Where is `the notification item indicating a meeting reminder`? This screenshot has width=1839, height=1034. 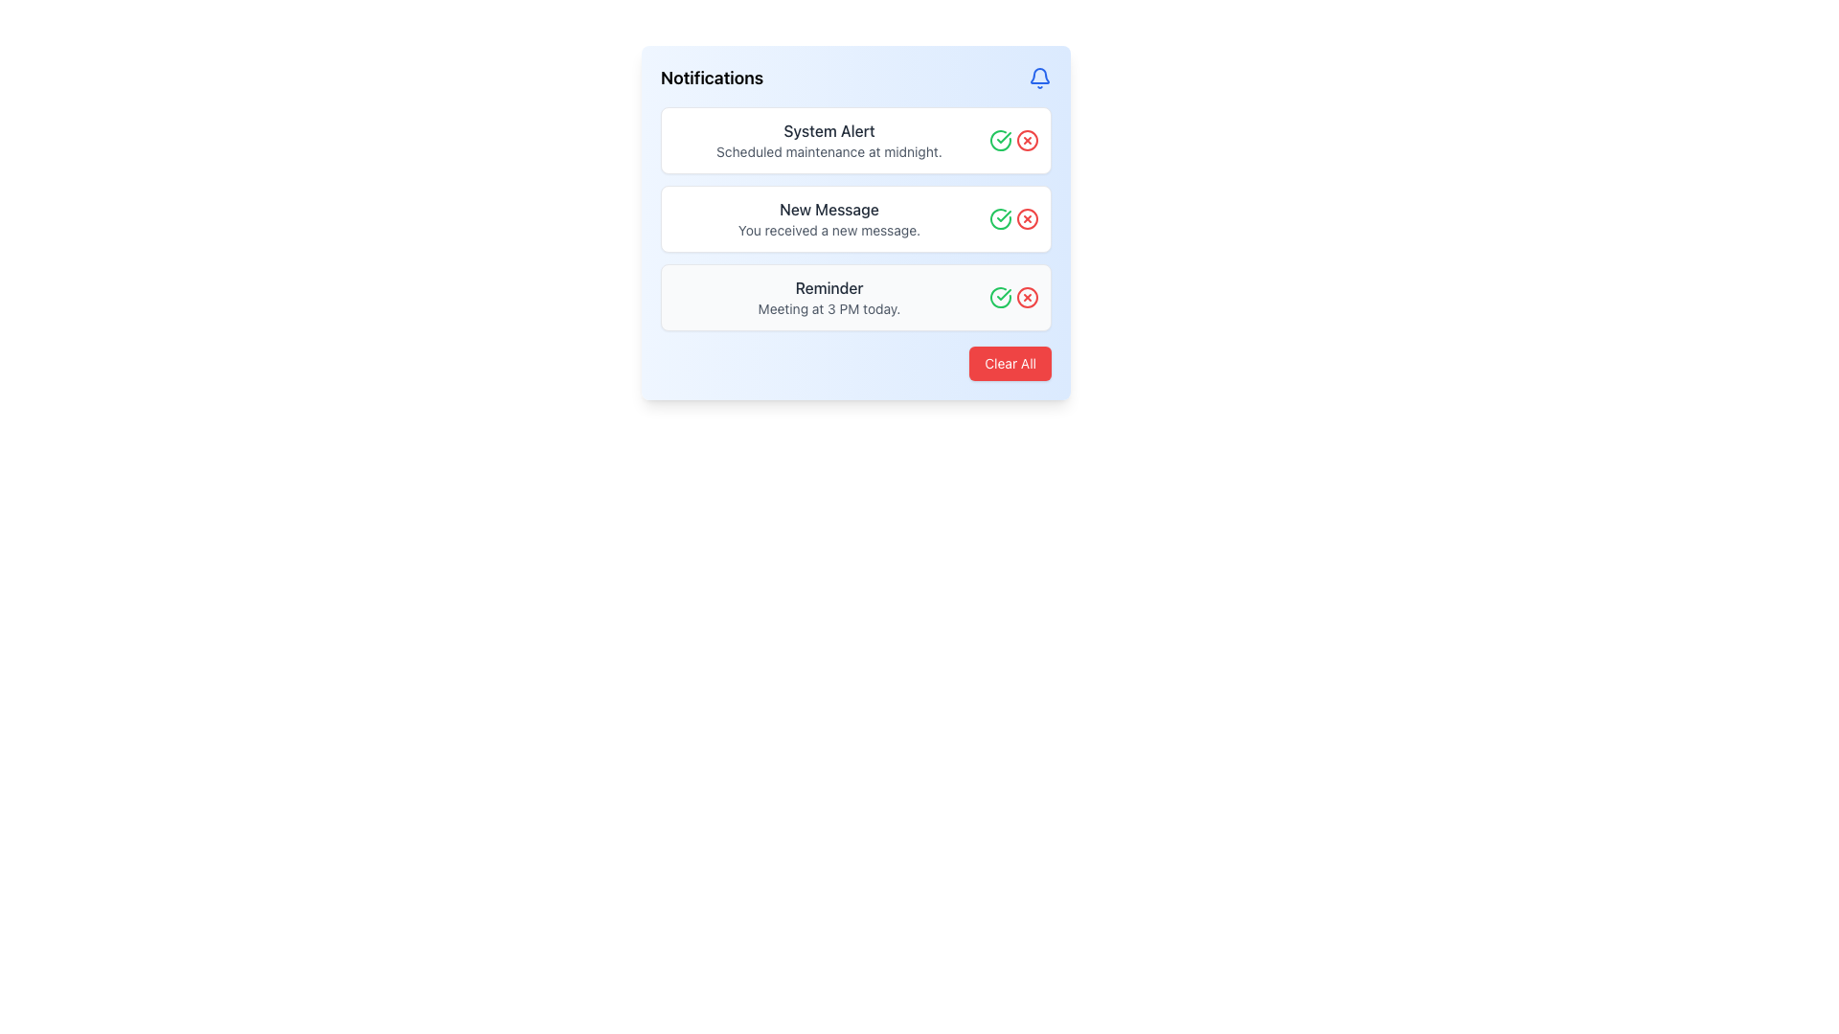
the notification item indicating a meeting reminder is located at coordinates (829, 298).